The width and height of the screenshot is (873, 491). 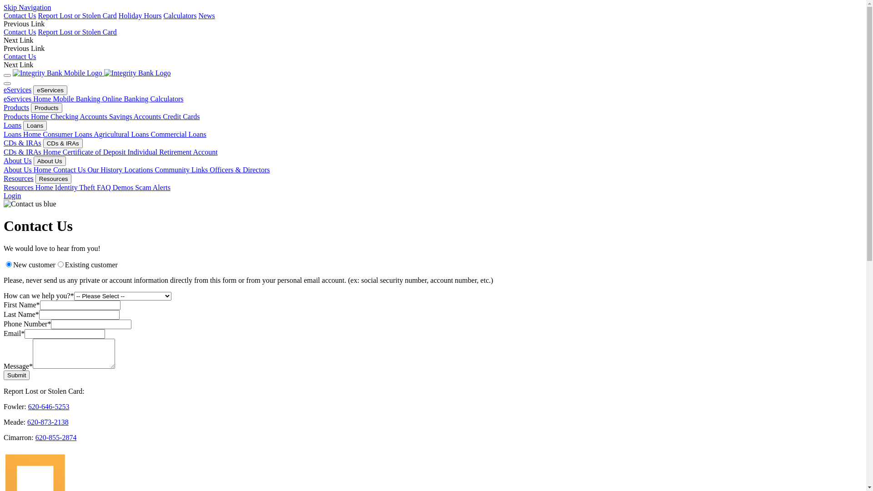 I want to click on 'Calculators', so click(x=151, y=99).